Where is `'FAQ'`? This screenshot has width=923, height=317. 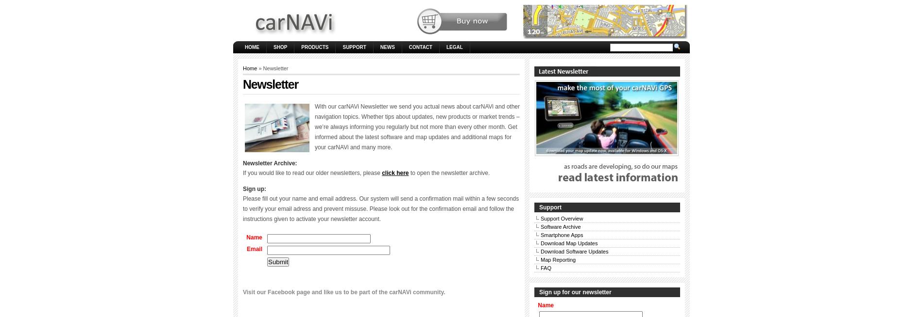 'FAQ' is located at coordinates (546, 268).